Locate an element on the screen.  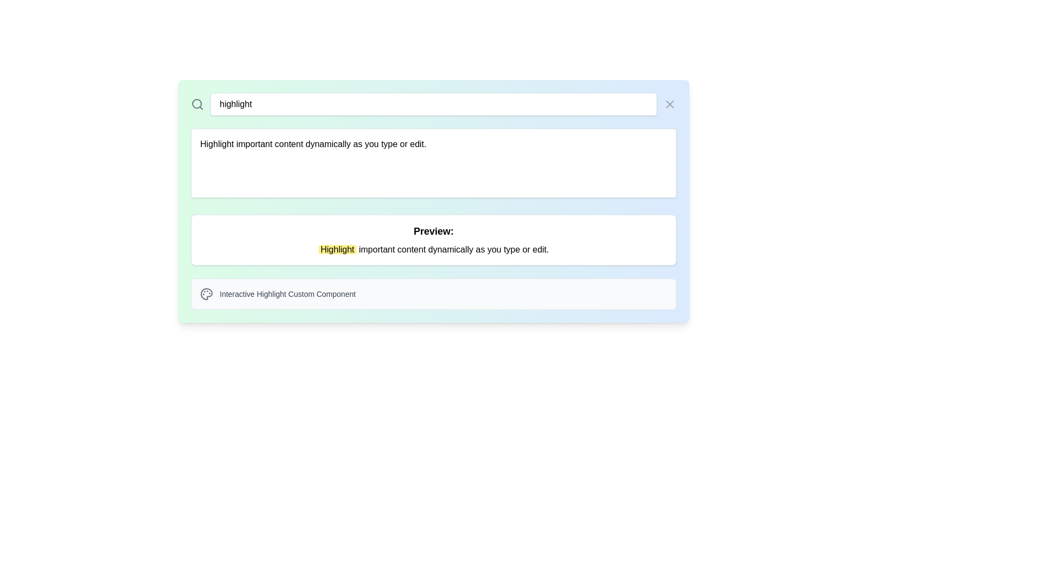
the highlighted word 'Highlight' in the text block that reads 'Highlight important content dynamically as you type or edit.' This word is styled with a yellow background and is the first word in the sentence, located in the 'Preview' section below a search bar is located at coordinates (337, 249).